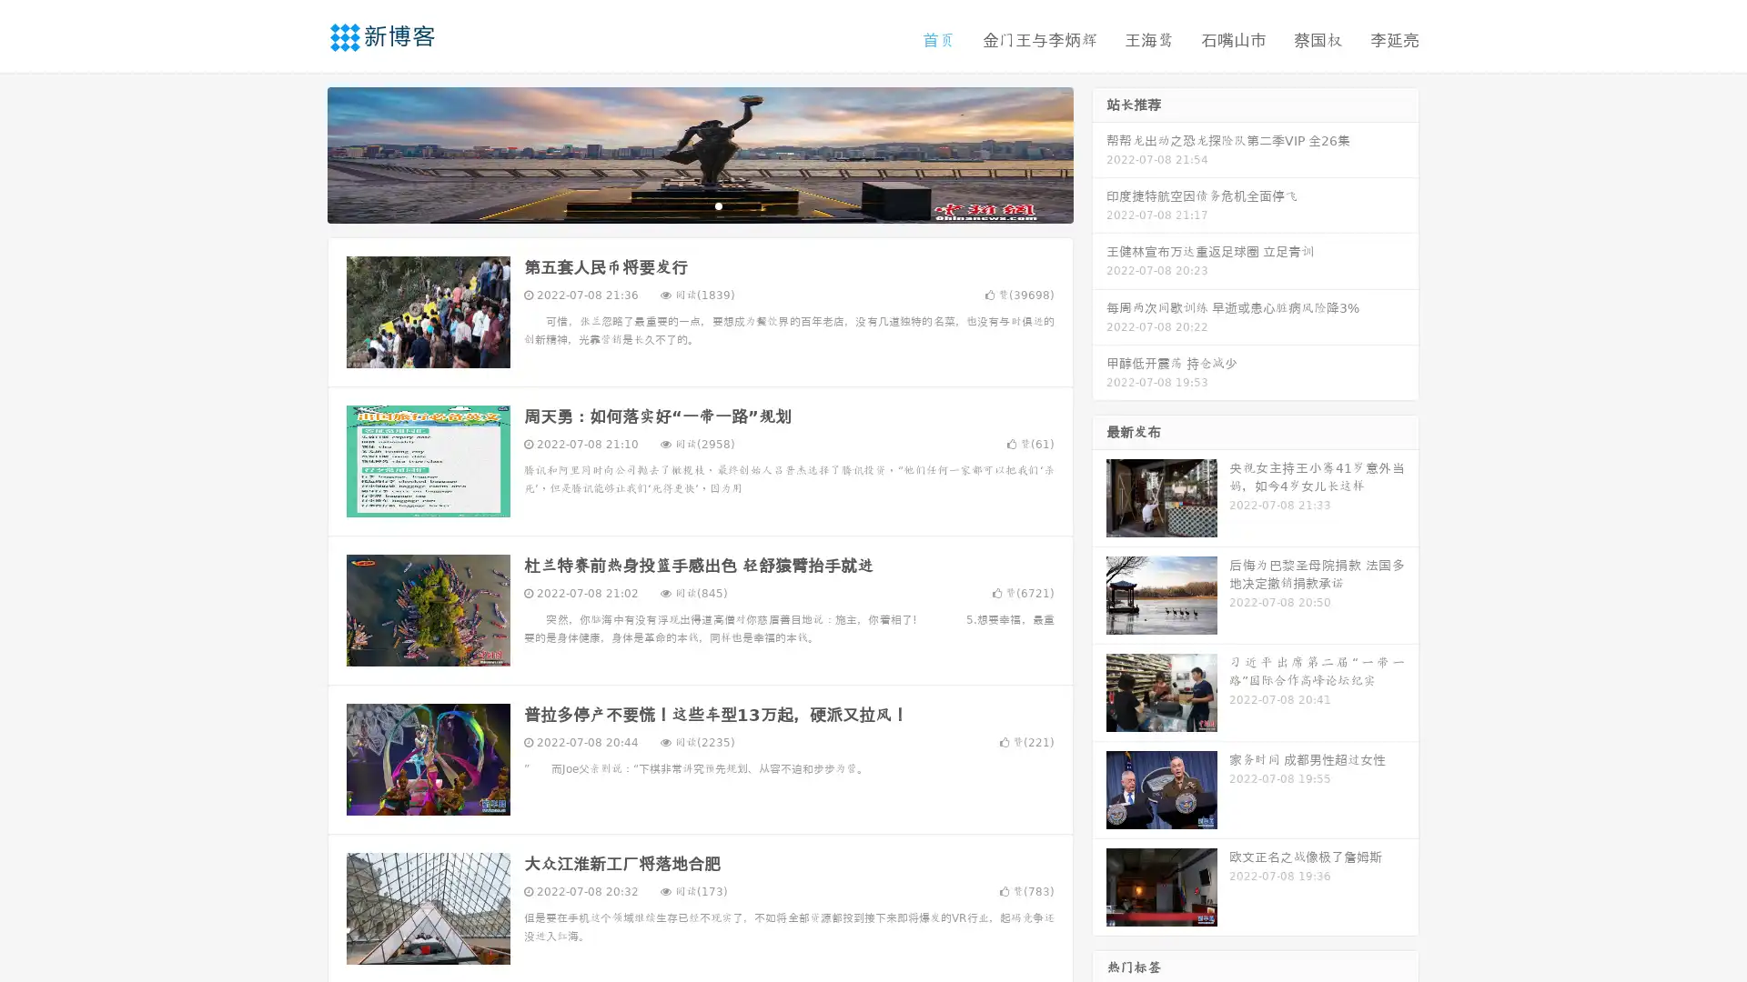 Image resolution: width=1747 pixels, height=982 pixels. Describe the element at coordinates (1099, 153) in the screenshot. I see `Next slide` at that location.